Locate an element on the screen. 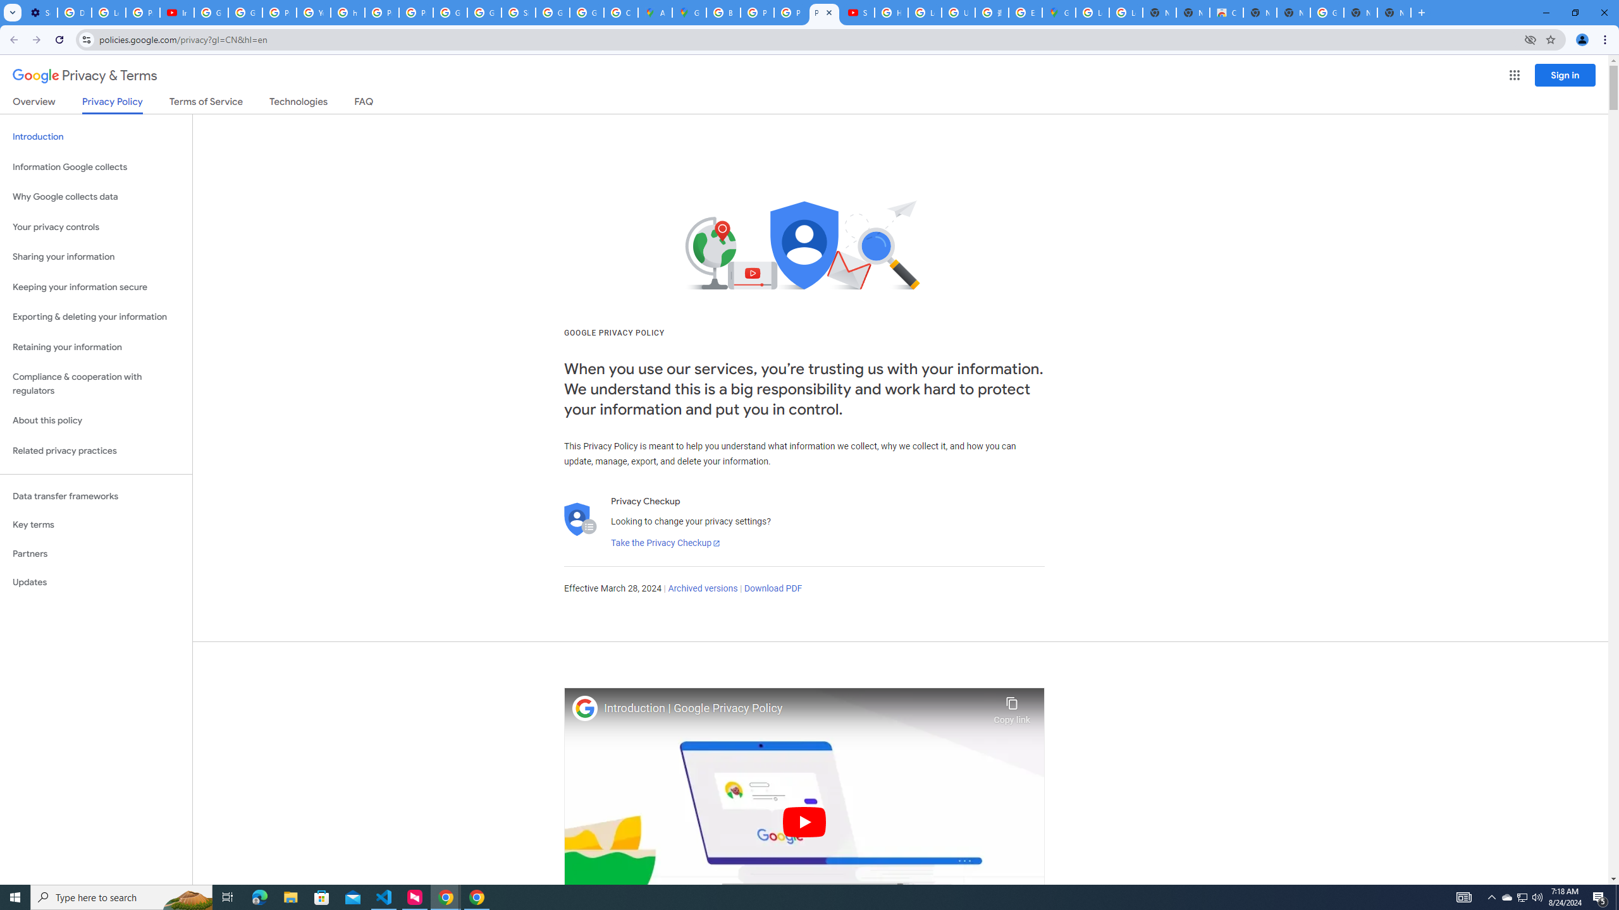 The image size is (1619, 910). 'Learn how to find your photos - Google Photos Help' is located at coordinates (108, 12).